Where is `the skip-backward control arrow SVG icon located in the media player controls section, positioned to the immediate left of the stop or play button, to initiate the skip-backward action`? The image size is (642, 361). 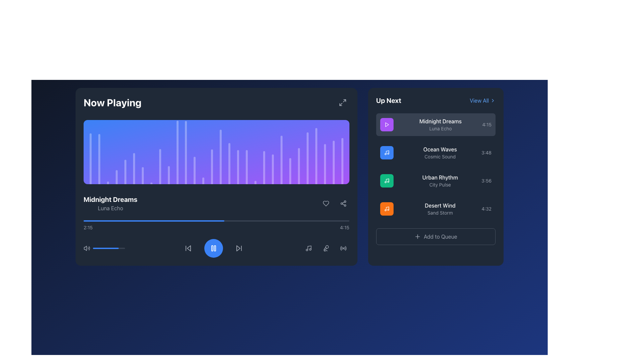
the skip-backward control arrow SVG icon located in the media player controls section, positioned to the immediate left of the stop or play button, to initiate the skip-backward action is located at coordinates (189, 248).